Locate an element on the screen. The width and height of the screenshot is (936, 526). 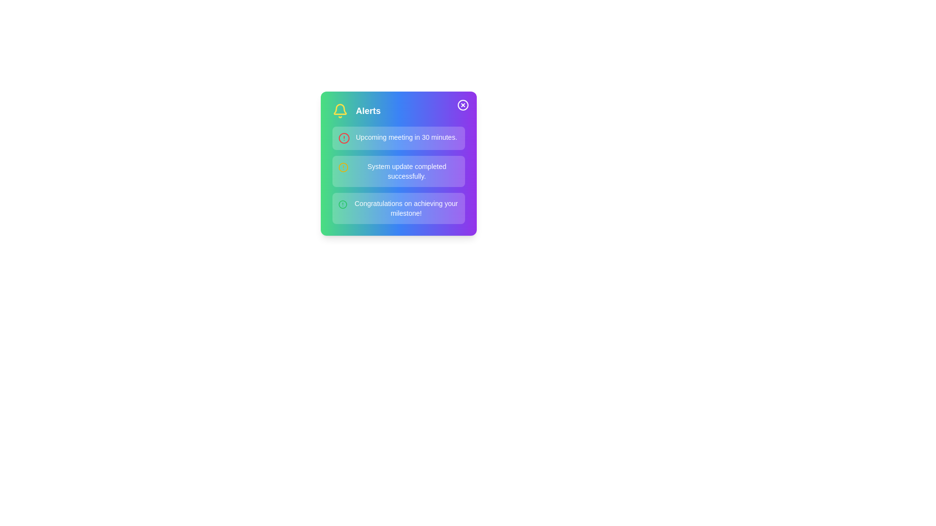
the alert icon, which is a bell-shaped icon with a yellow outline located to the left of the word 'Alerts' in the notifications panel header is located at coordinates (340, 110).